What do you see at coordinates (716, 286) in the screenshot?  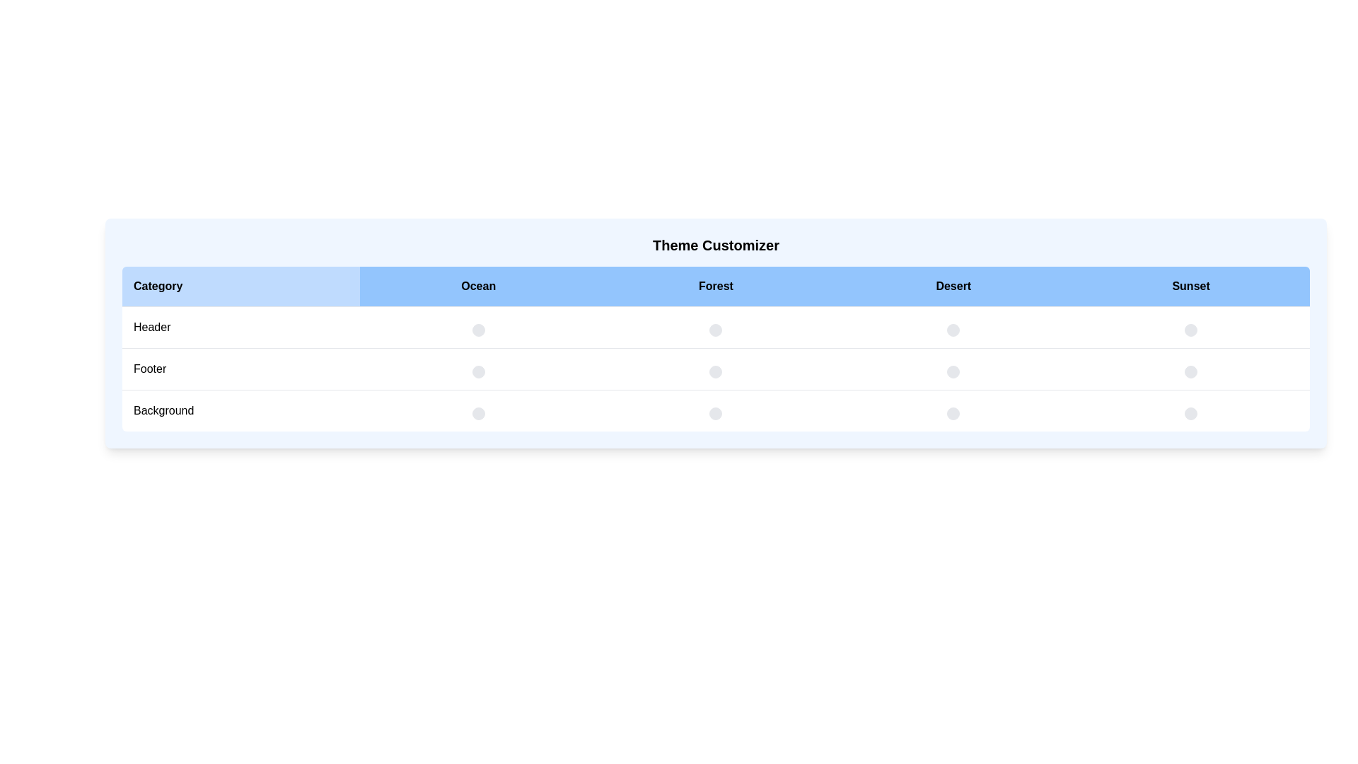 I see `the 'Forest' category label, which is the third element in a row containing 'Category', 'Ocean', 'Forest', 'Desert', and 'Sunset'` at bounding box center [716, 286].